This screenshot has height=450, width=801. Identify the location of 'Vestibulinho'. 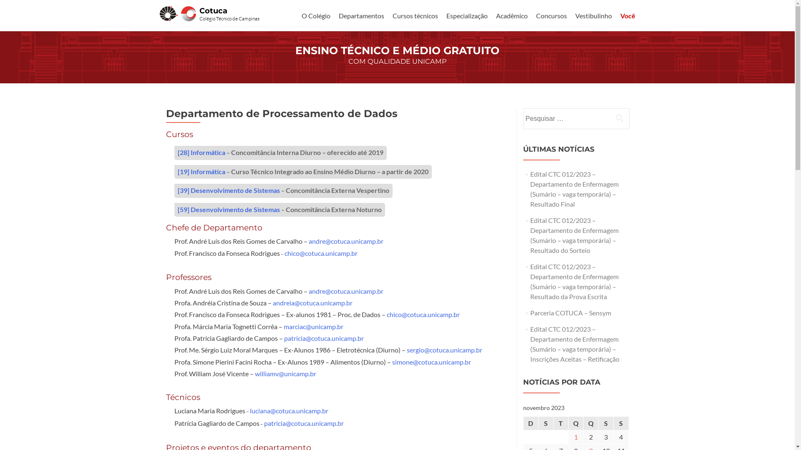
(574, 15).